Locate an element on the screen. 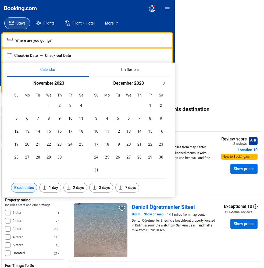 This screenshot has width=264, height=268. 'Includes stars and other ratings' is located at coordinates (27, 205).